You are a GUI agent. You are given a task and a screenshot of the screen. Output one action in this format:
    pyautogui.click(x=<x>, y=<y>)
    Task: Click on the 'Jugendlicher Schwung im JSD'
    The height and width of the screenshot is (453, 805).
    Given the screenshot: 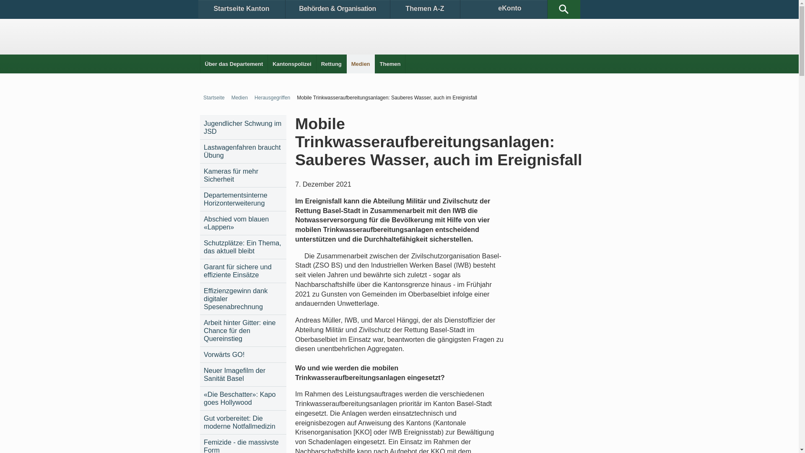 What is the action you would take?
    pyautogui.click(x=243, y=128)
    